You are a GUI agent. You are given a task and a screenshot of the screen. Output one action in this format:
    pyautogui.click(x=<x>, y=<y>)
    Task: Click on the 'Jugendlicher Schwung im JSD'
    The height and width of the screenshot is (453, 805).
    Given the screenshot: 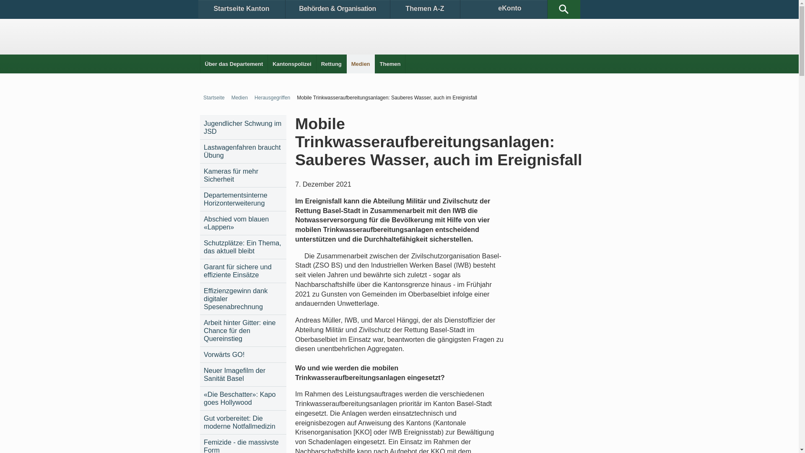 What is the action you would take?
    pyautogui.click(x=243, y=128)
    